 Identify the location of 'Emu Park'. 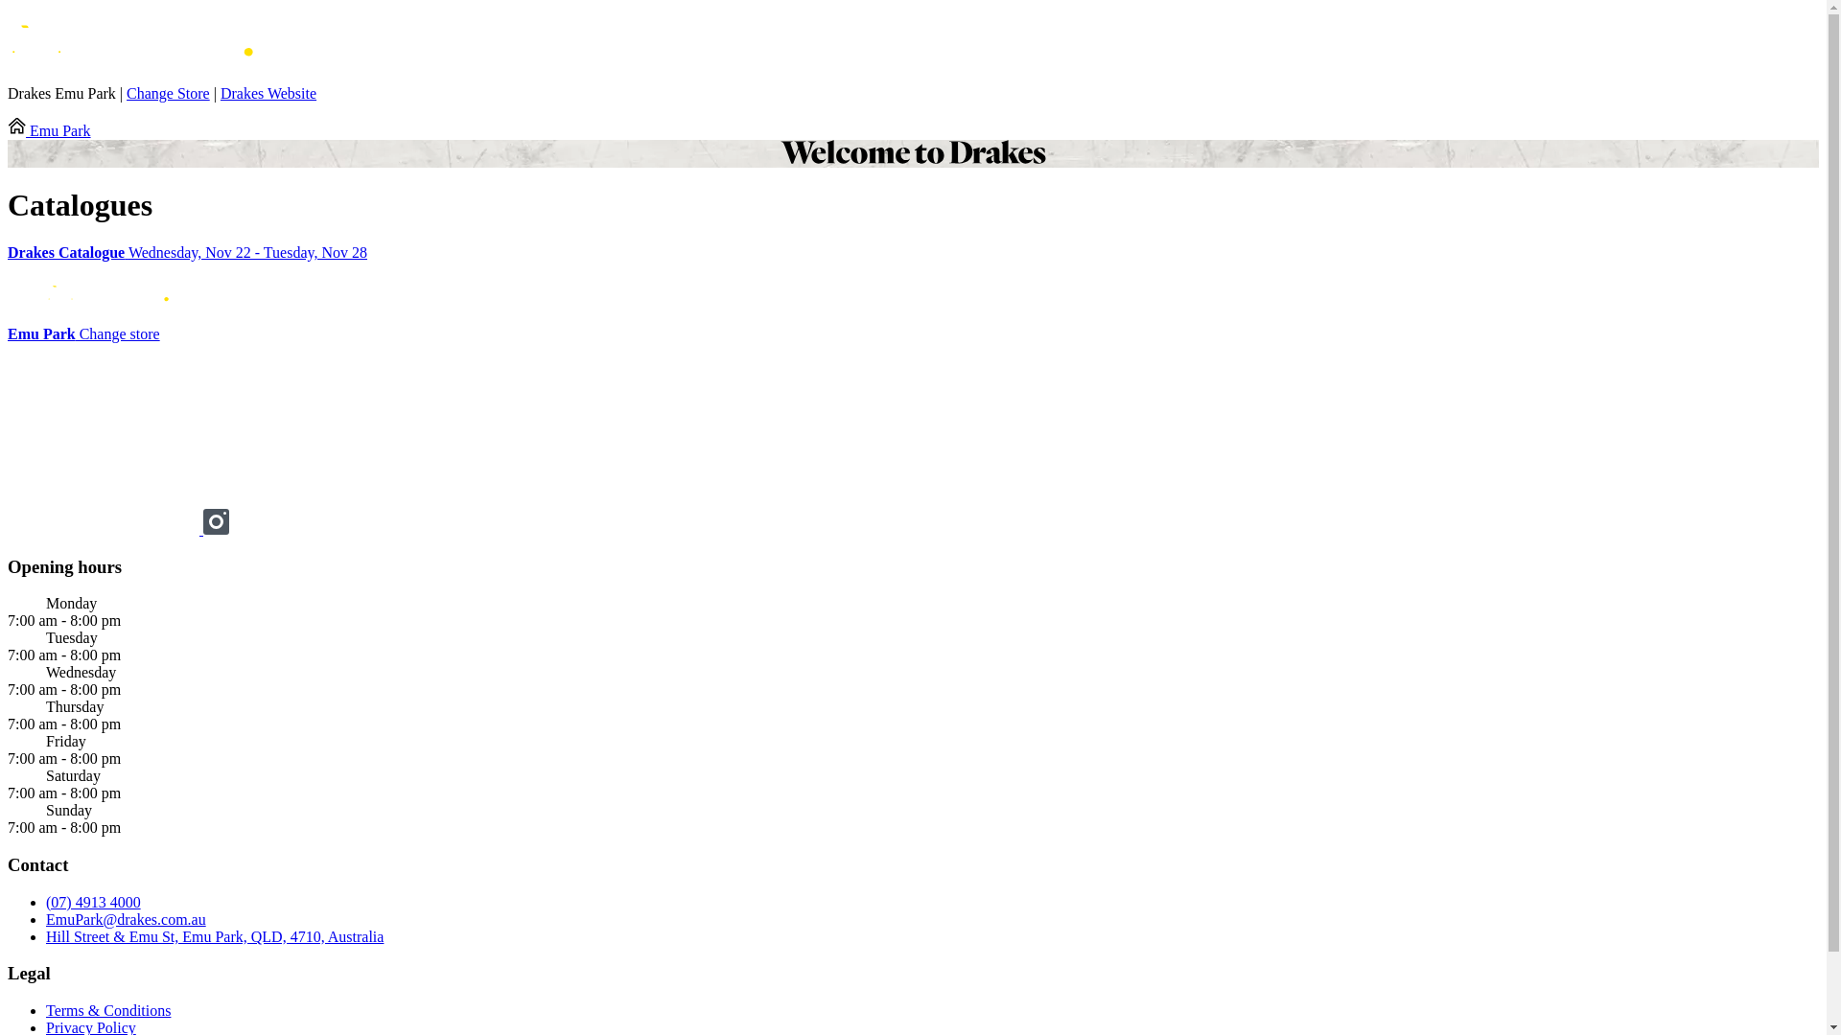
(49, 129).